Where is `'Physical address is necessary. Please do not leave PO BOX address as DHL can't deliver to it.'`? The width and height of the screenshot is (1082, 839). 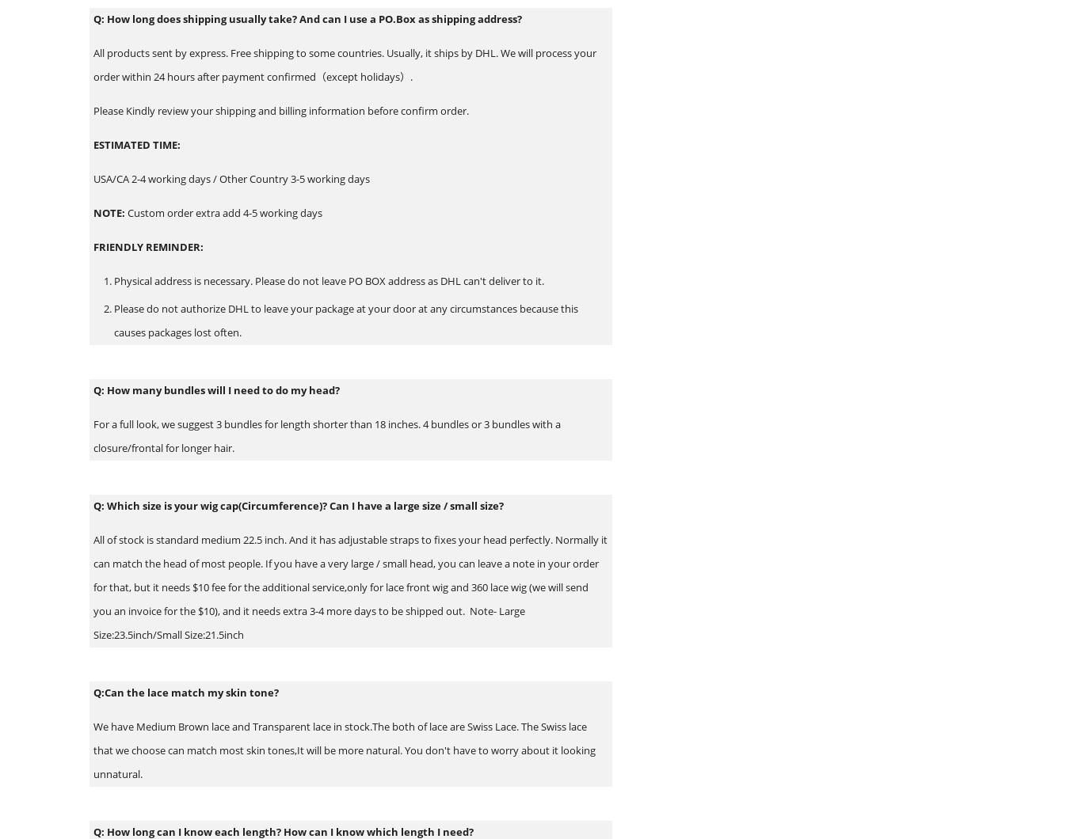 'Physical address is necessary. Please do not leave PO BOX address as DHL can't deliver to it.' is located at coordinates (112, 280).